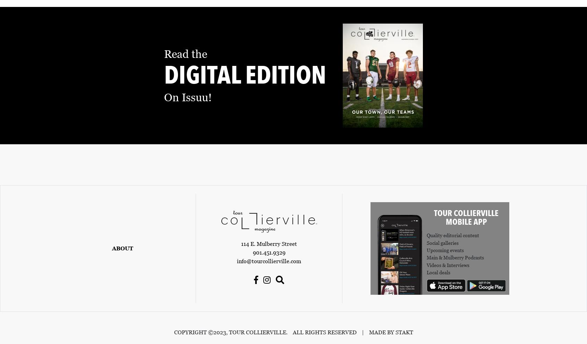 This screenshot has width=587, height=344. Describe the element at coordinates (427, 258) in the screenshot. I see `'Main & Mulberry Podcasts'` at that location.